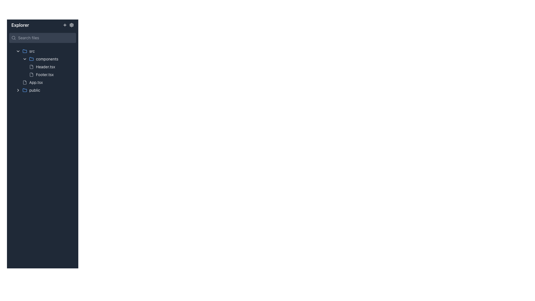  Describe the element at coordinates (65, 25) in the screenshot. I see `the plus sign icon button located at the top-right corner of the vertical sidebar to change its color` at that location.